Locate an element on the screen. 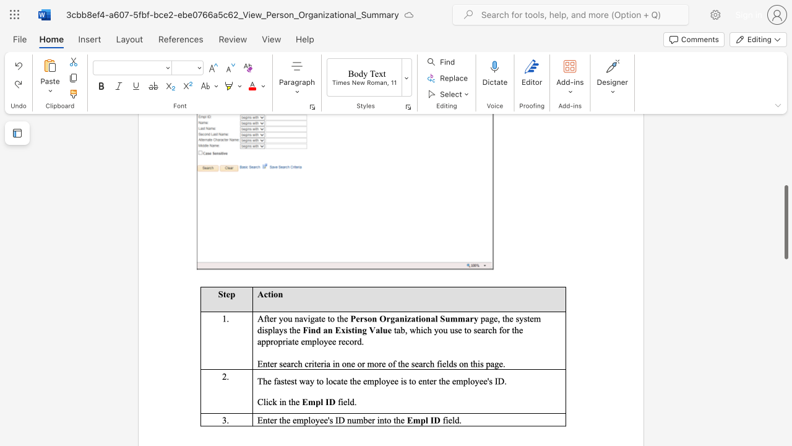 The height and width of the screenshot is (446, 792). the subset text "er you navigate t" within the text "After you navigate to the" is located at coordinates (269, 318).